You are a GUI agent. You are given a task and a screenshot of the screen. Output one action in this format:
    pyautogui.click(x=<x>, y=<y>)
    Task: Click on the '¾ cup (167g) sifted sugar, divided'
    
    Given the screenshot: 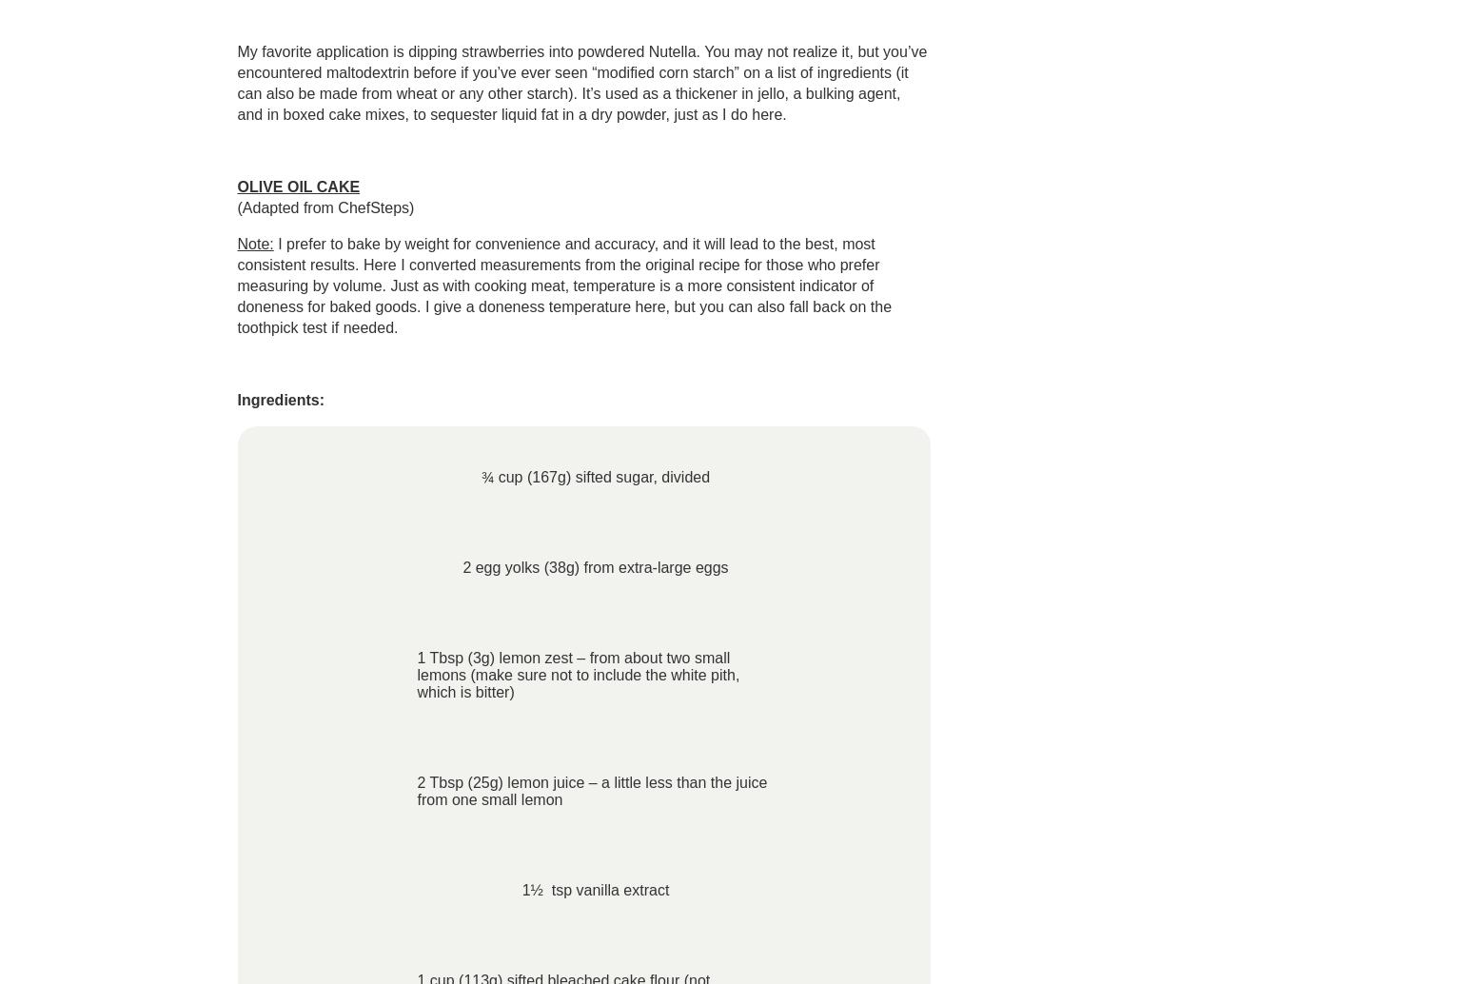 What is the action you would take?
    pyautogui.click(x=594, y=476)
    